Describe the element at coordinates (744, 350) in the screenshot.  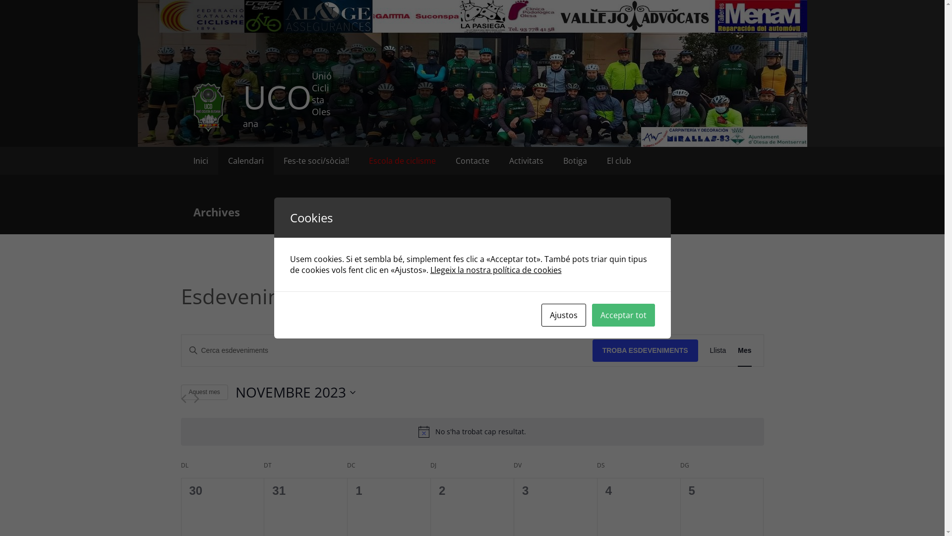
I see `'Mes'` at that location.